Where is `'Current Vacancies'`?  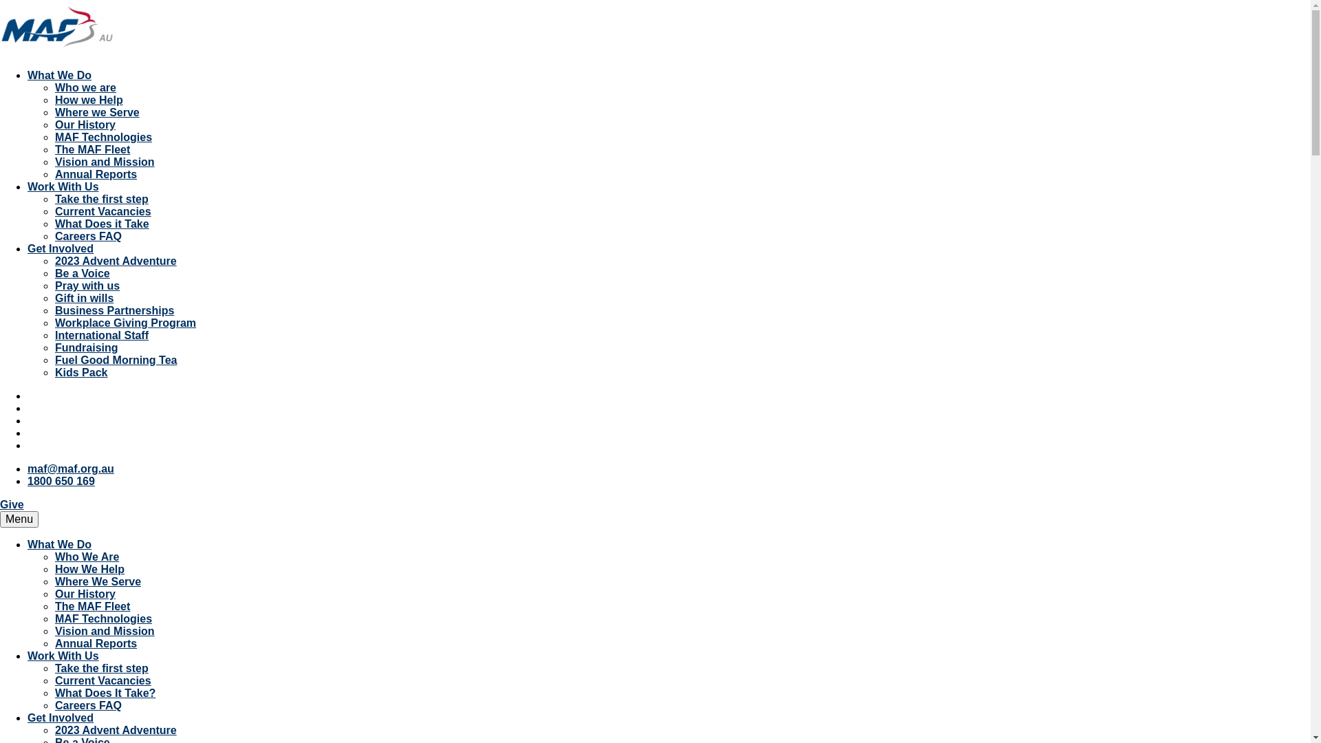
'Current Vacancies' is located at coordinates (55, 680).